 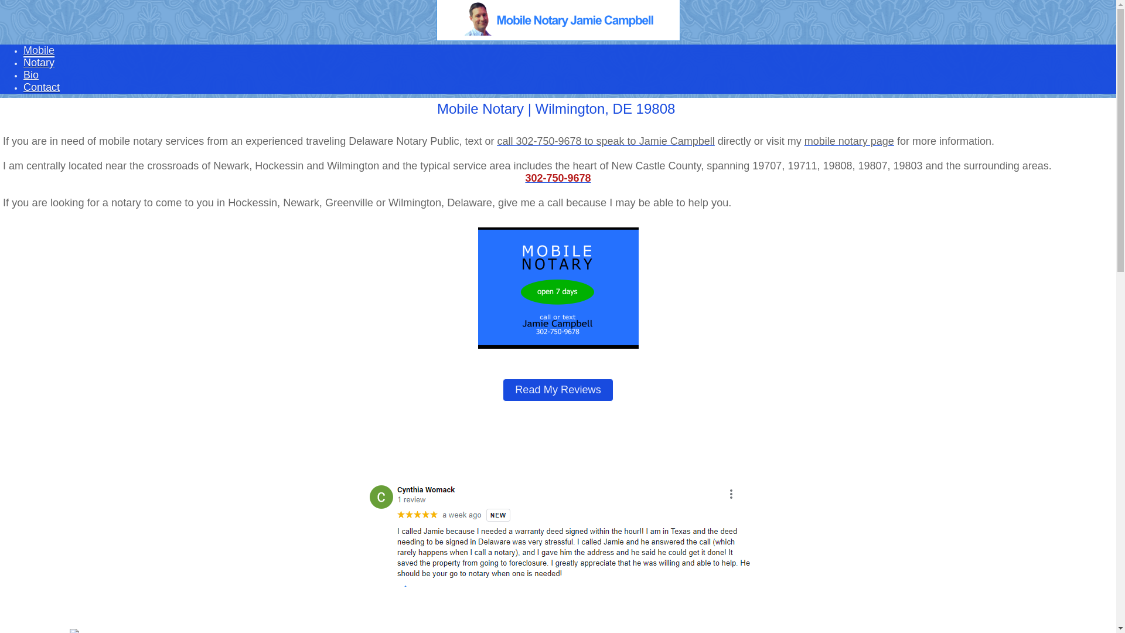 I want to click on 'Contact', so click(x=42, y=87).